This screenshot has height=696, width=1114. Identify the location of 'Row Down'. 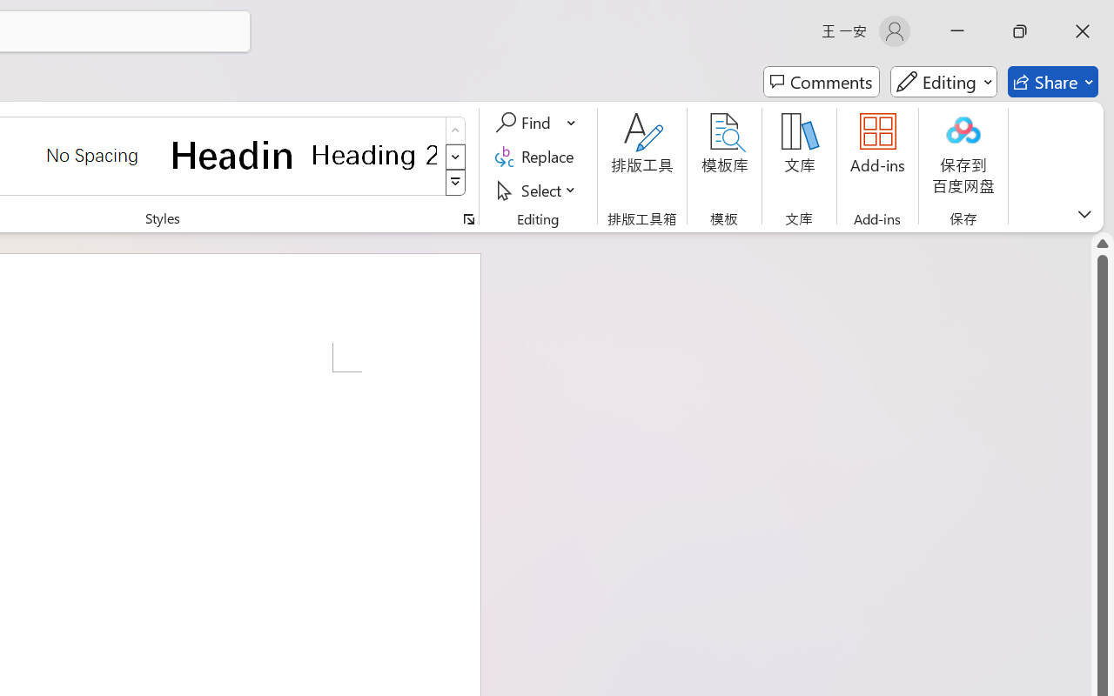
(455, 156).